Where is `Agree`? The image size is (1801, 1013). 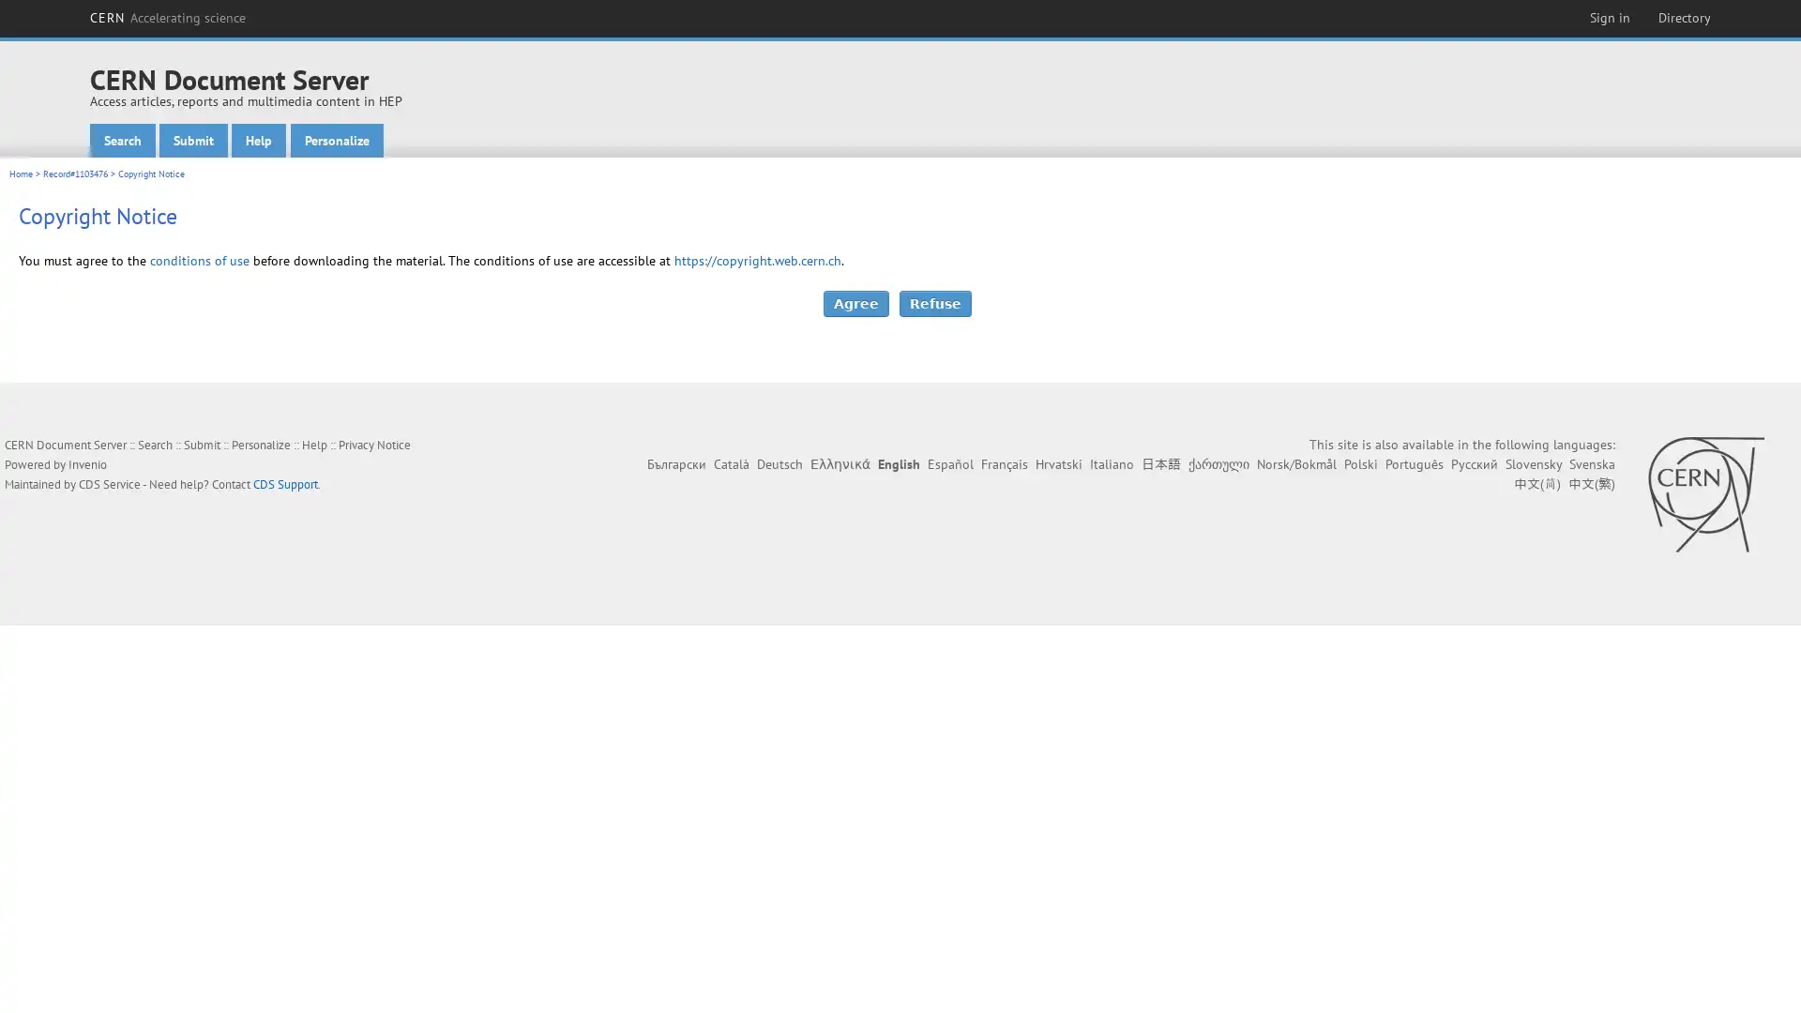
Agree is located at coordinates (855, 302).